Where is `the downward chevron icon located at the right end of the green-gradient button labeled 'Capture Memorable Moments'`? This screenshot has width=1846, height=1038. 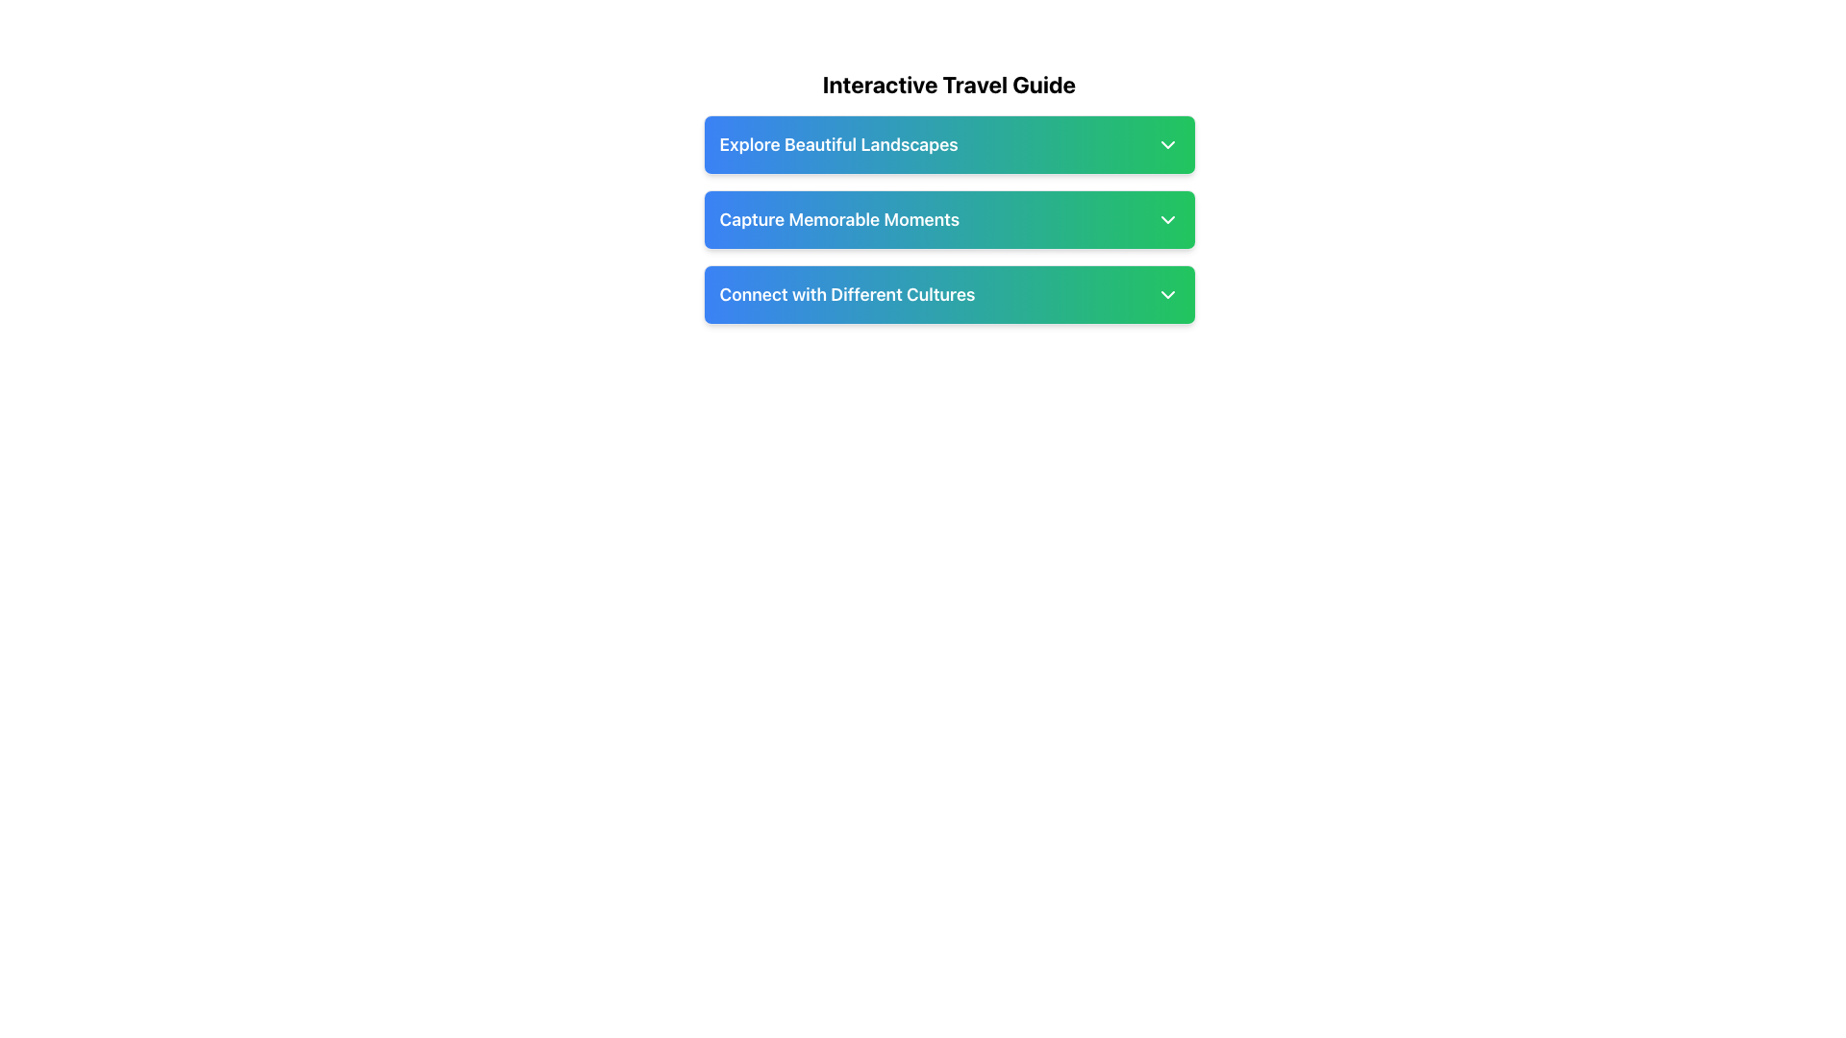
the downward chevron icon located at the right end of the green-gradient button labeled 'Capture Memorable Moments' is located at coordinates (1166, 218).